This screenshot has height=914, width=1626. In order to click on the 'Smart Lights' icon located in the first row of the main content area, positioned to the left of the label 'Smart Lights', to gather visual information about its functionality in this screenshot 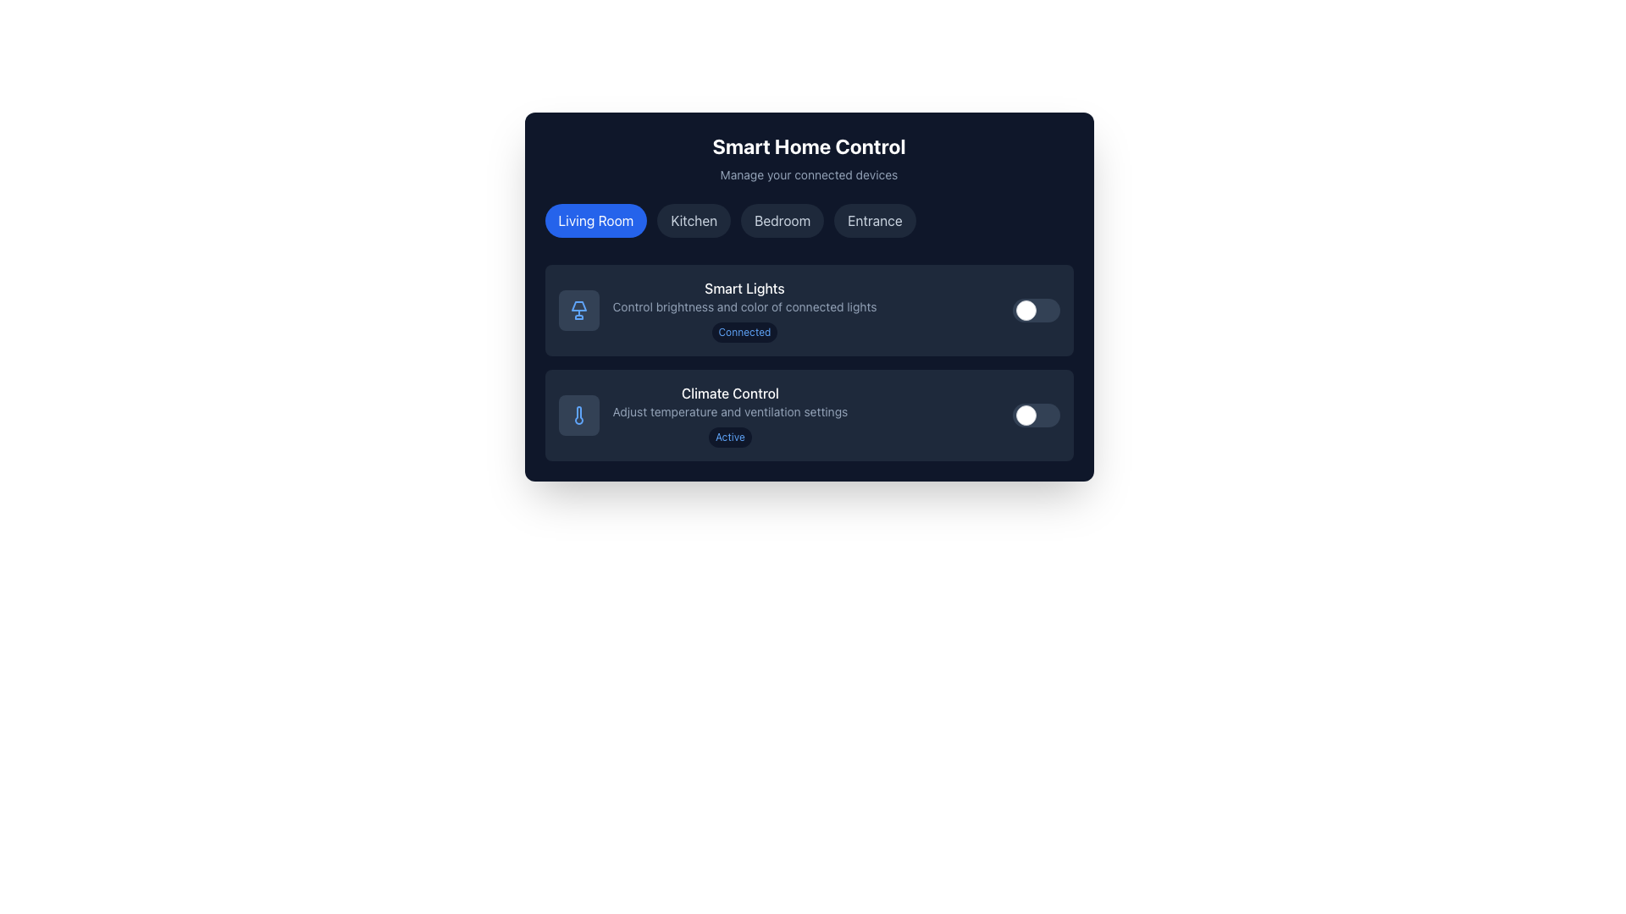, I will do `click(578, 310)`.